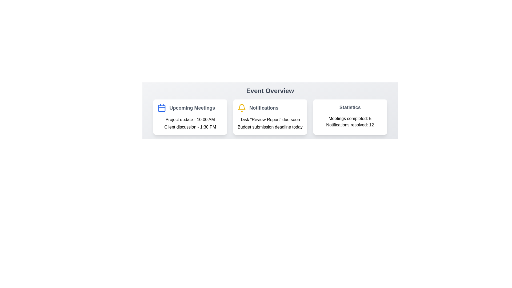  Describe the element at coordinates (264, 108) in the screenshot. I see `text content of the 'Notifications' label, which is a bold, gray text aligned to the right of a yellow bell icon within the second card of the 'Event Overview' section` at that location.